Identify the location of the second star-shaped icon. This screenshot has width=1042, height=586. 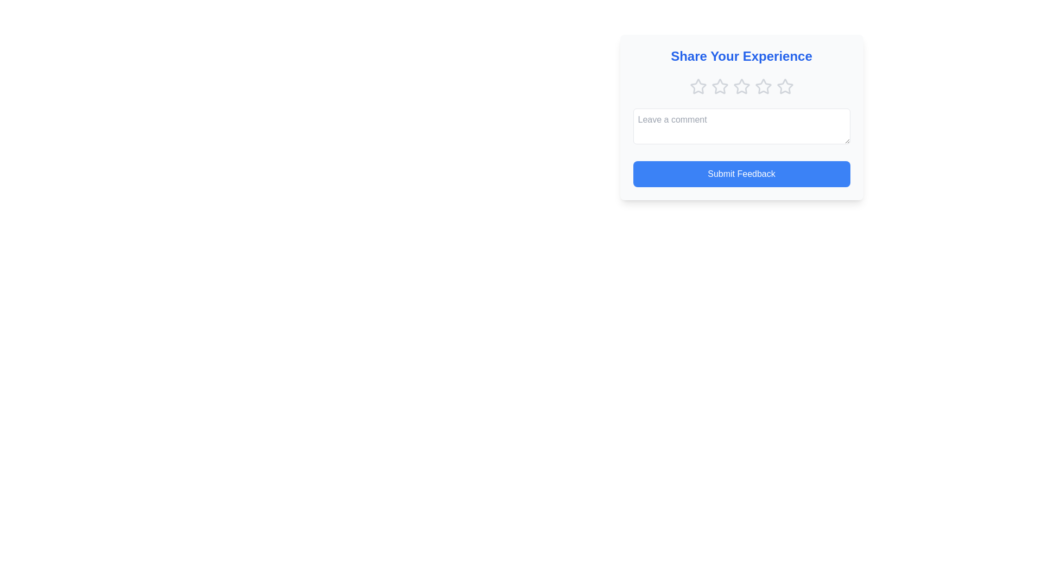
(720, 86).